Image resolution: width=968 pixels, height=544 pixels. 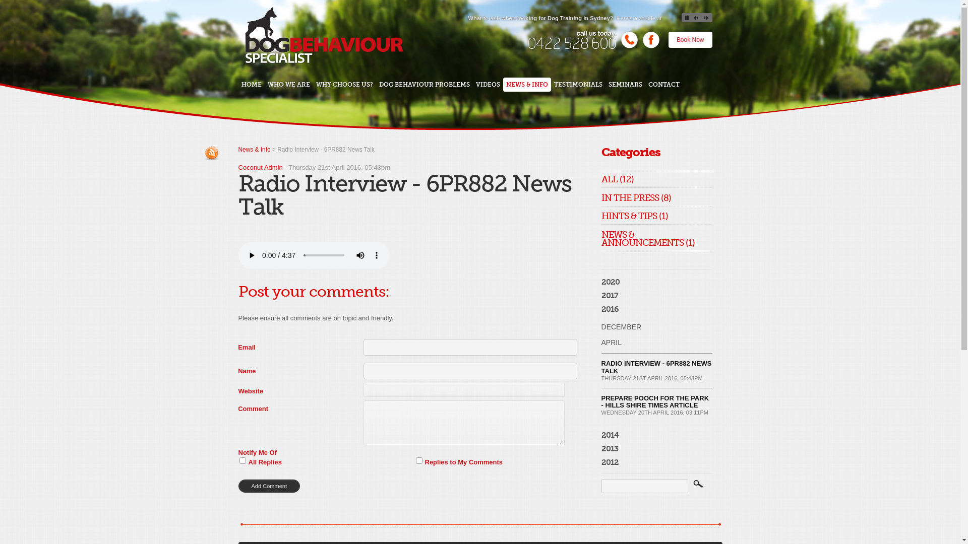 I want to click on 'HINTS & TIPS (1)', so click(x=633, y=217).